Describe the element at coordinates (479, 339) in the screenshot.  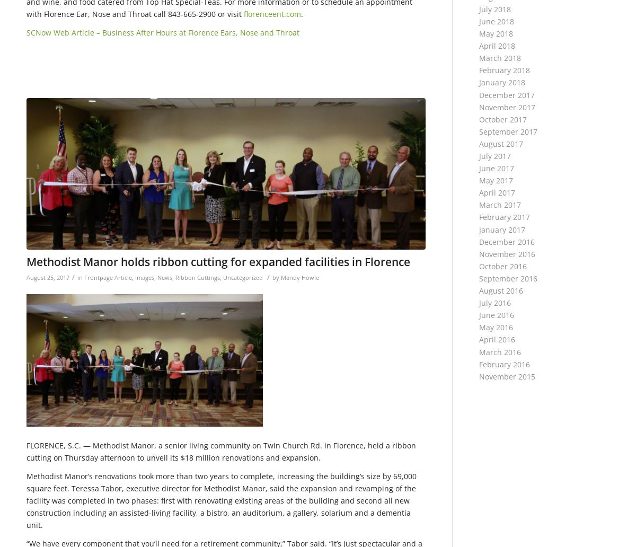
I see `'April 2016'` at that location.